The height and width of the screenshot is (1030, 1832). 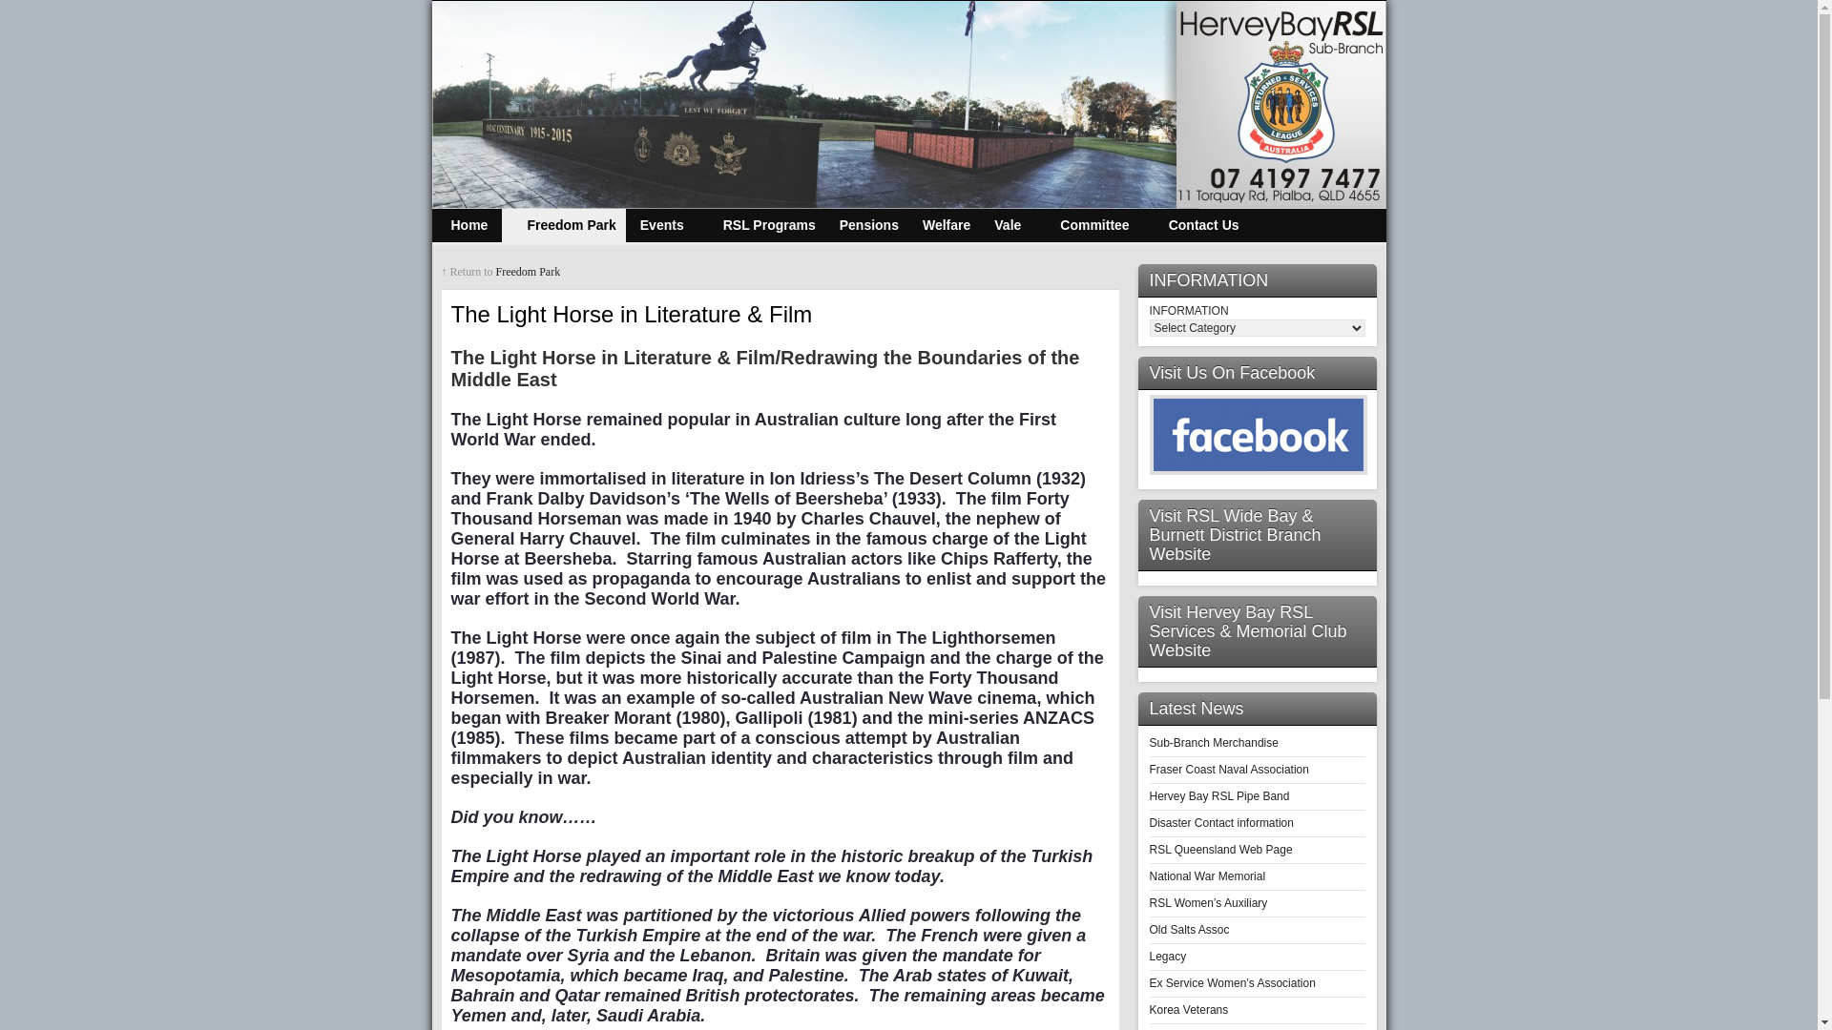 What do you see at coordinates (562, 224) in the screenshot?
I see `'Freedom Park'` at bounding box center [562, 224].